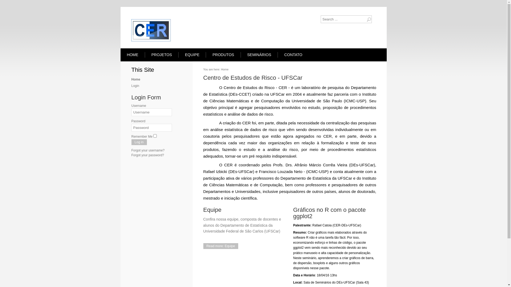 The width and height of the screenshot is (511, 287). What do you see at coordinates (293, 54) in the screenshot?
I see `'CONTATO'` at bounding box center [293, 54].